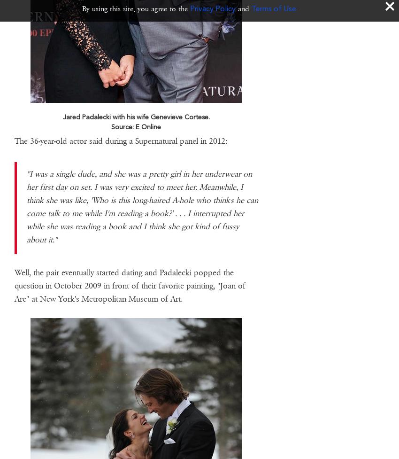  I want to click on '.', so click(296, 8).